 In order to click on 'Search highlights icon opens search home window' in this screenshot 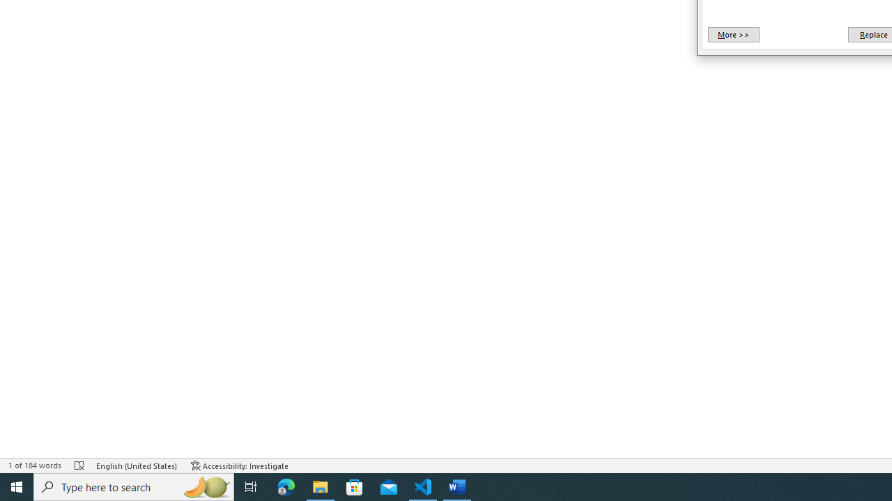, I will do `click(205, 486)`.